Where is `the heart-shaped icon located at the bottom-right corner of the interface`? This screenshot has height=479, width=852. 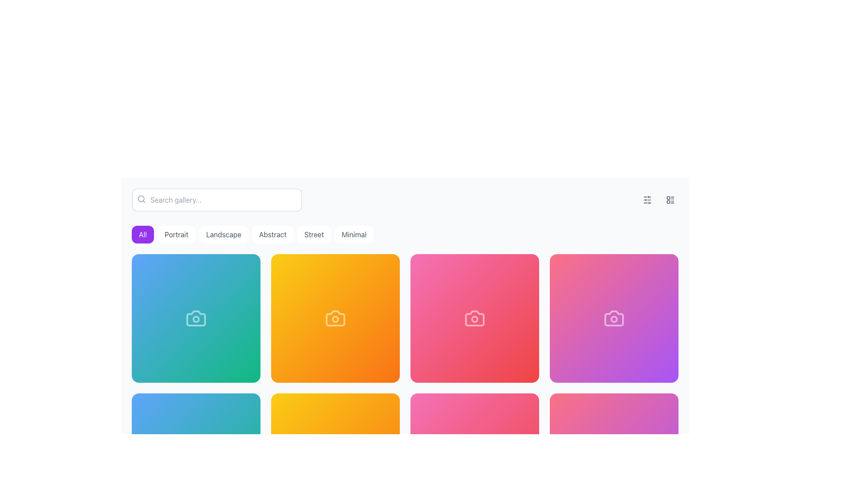
the heart-shaped icon located at the bottom-right corner of the interface is located at coordinates (591, 458).